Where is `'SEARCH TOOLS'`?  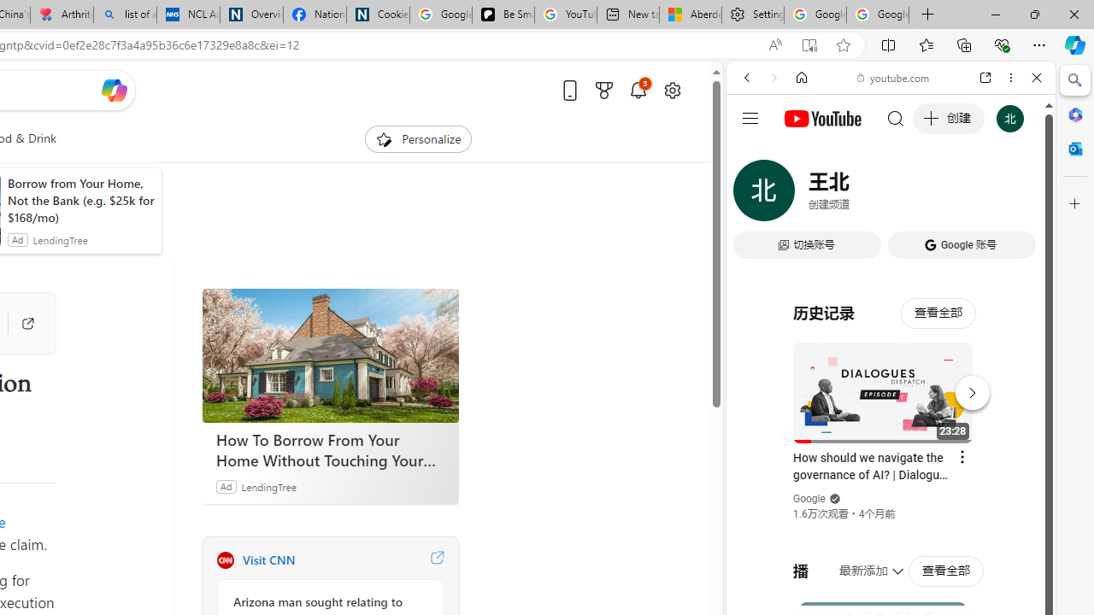
'SEARCH TOOLS' is located at coordinates (933, 194).